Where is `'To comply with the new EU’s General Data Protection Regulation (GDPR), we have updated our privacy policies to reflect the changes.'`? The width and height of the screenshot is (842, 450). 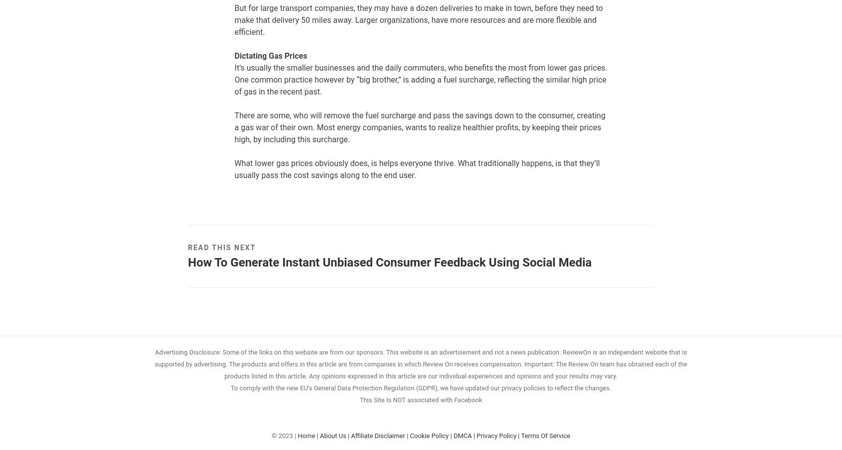 'To comply with the new EU’s General Data Protection Regulation (GDPR), we have updated our privacy policies to reflect the changes.' is located at coordinates (421, 387).